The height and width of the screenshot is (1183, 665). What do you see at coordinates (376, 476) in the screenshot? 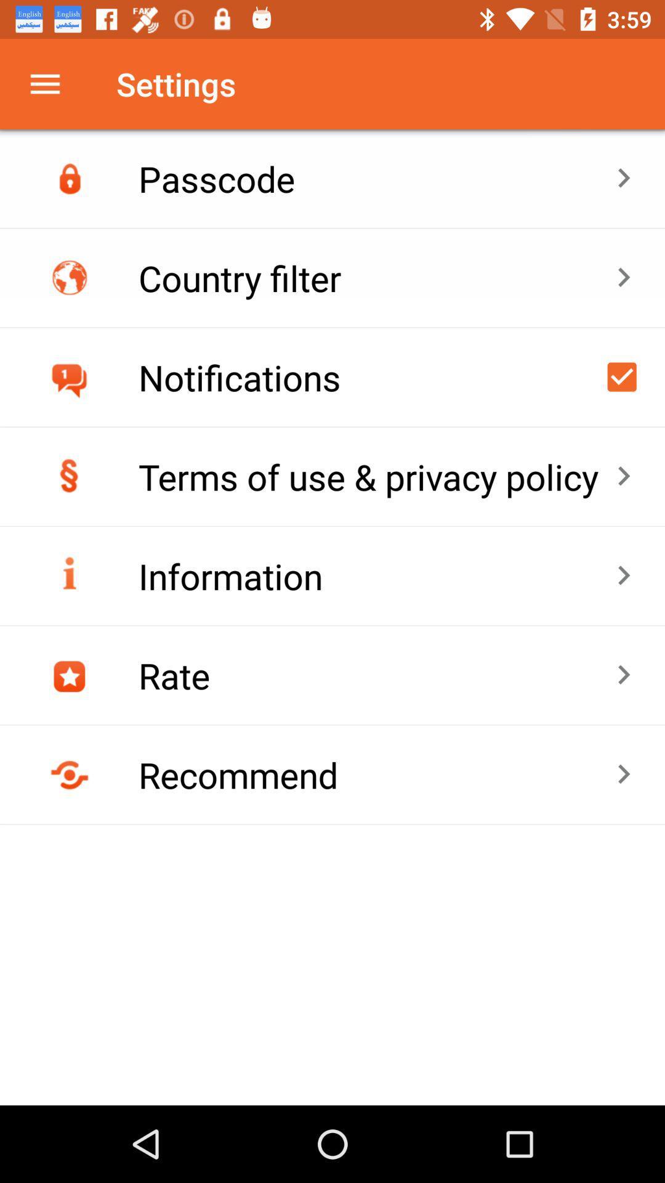
I see `the terms of use item` at bounding box center [376, 476].